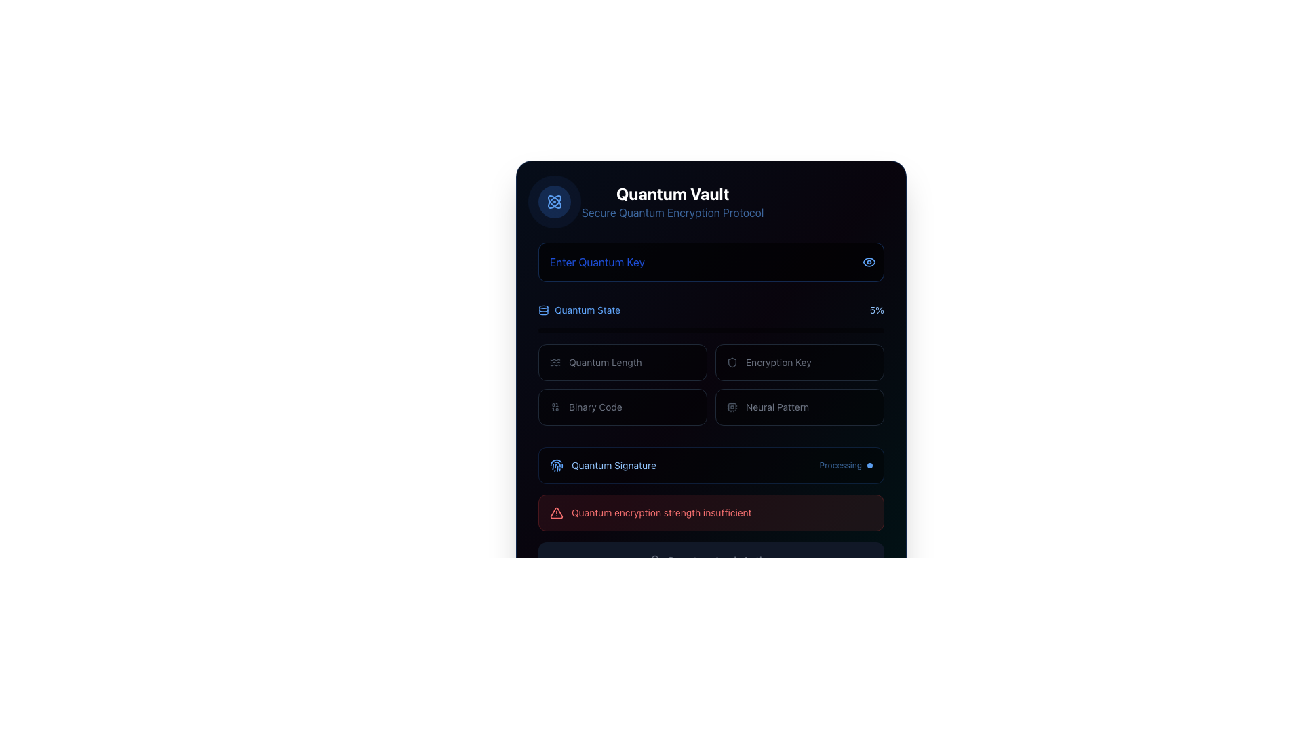 The height and width of the screenshot is (732, 1302). I want to click on the 'Encryption Key' button, which is the second option in a grid arrangement, so click(800, 362).